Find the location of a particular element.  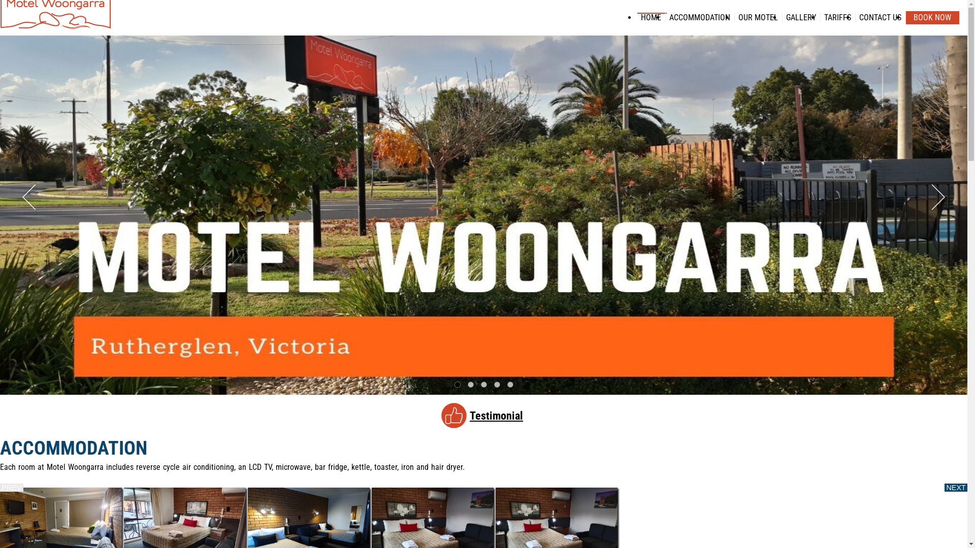

'BOOK NOW' is located at coordinates (909, 17).